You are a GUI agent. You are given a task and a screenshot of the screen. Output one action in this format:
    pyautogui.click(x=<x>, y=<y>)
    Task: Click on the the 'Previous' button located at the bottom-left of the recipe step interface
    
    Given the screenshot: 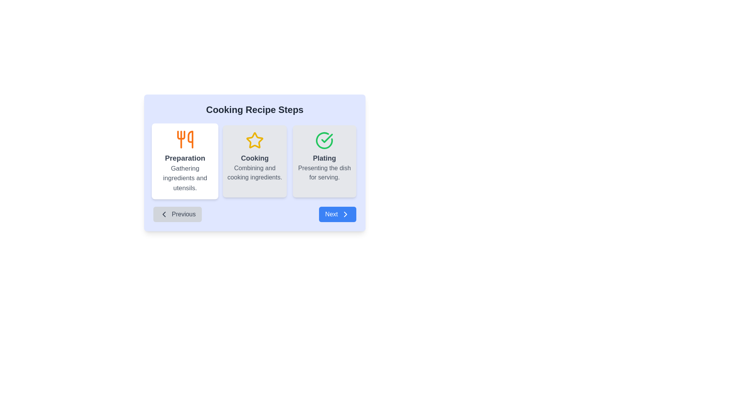 What is the action you would take?
    pyautogui.click(x=177, y=214)
    